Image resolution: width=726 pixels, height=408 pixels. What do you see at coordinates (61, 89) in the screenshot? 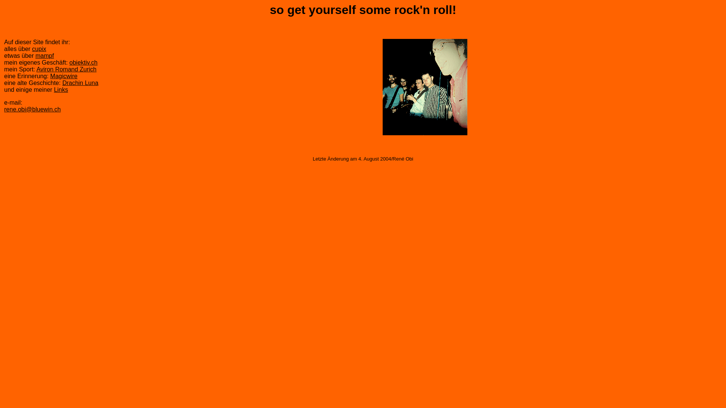
I see `'Links'` at bounding box center [61, 89].